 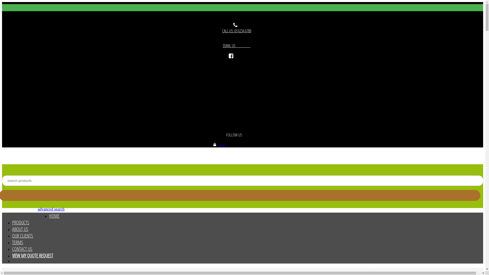 I want to click on 'PRODUCTS', so click(x=20, y=222).